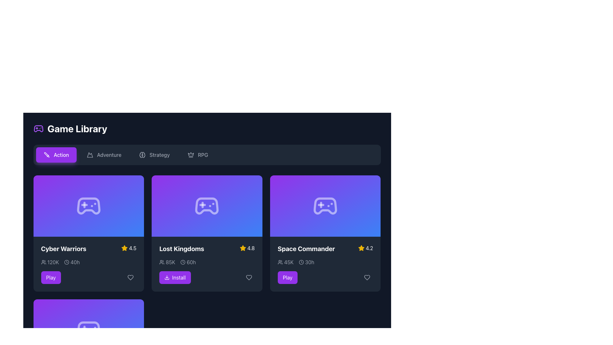 The width and height of the screenshot is (613, 345). What do you see at coordinates (366, 248) in the screenshot?
I see `the Rating component representing the numeric value of the 'Space Commander' item, located in the top-right corner of its section, adjacent to the title` at bounding box center [366, 248].